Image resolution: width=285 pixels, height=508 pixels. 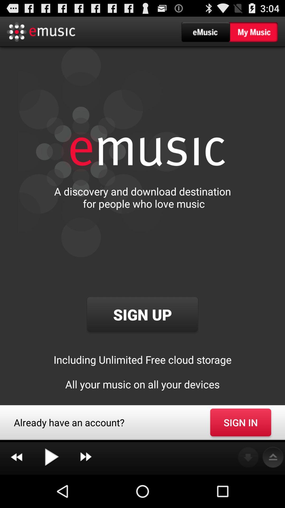 I want to click on app to the right of already have an item, so click(x=240, y=422).